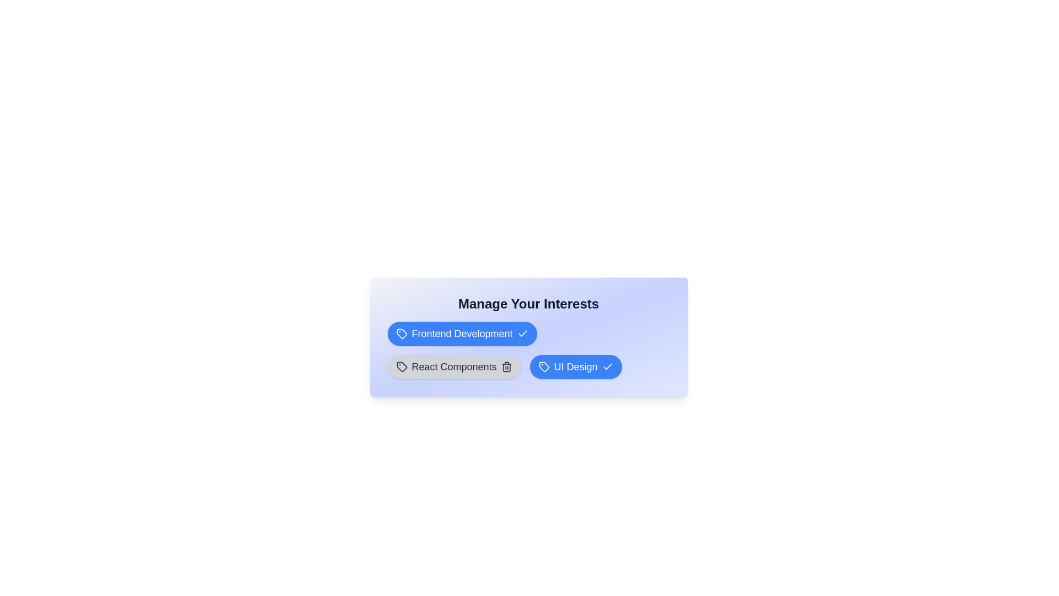 The width and height of the screenshot is (1059, 596). What do you see at coordinates (462, 333) in the screenshot?
I see `the tag labeled 'Frontend Development'` at bounding box center [462, 333].